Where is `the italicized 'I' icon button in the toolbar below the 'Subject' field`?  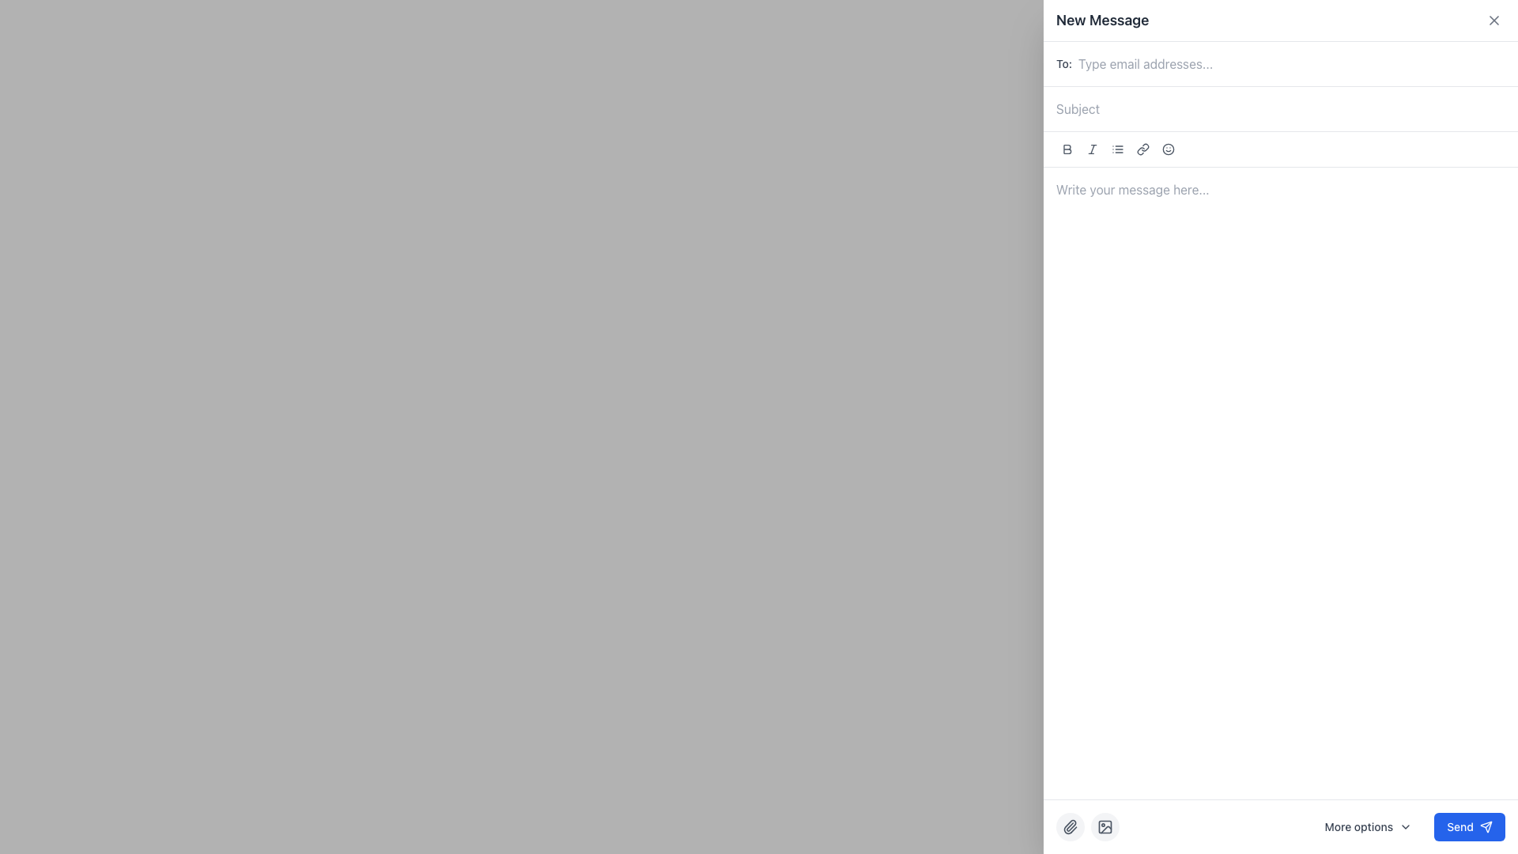
the italicized 'I' icon button in the toolbar below the 'Subject' field is located at coordinates (1092, 149).